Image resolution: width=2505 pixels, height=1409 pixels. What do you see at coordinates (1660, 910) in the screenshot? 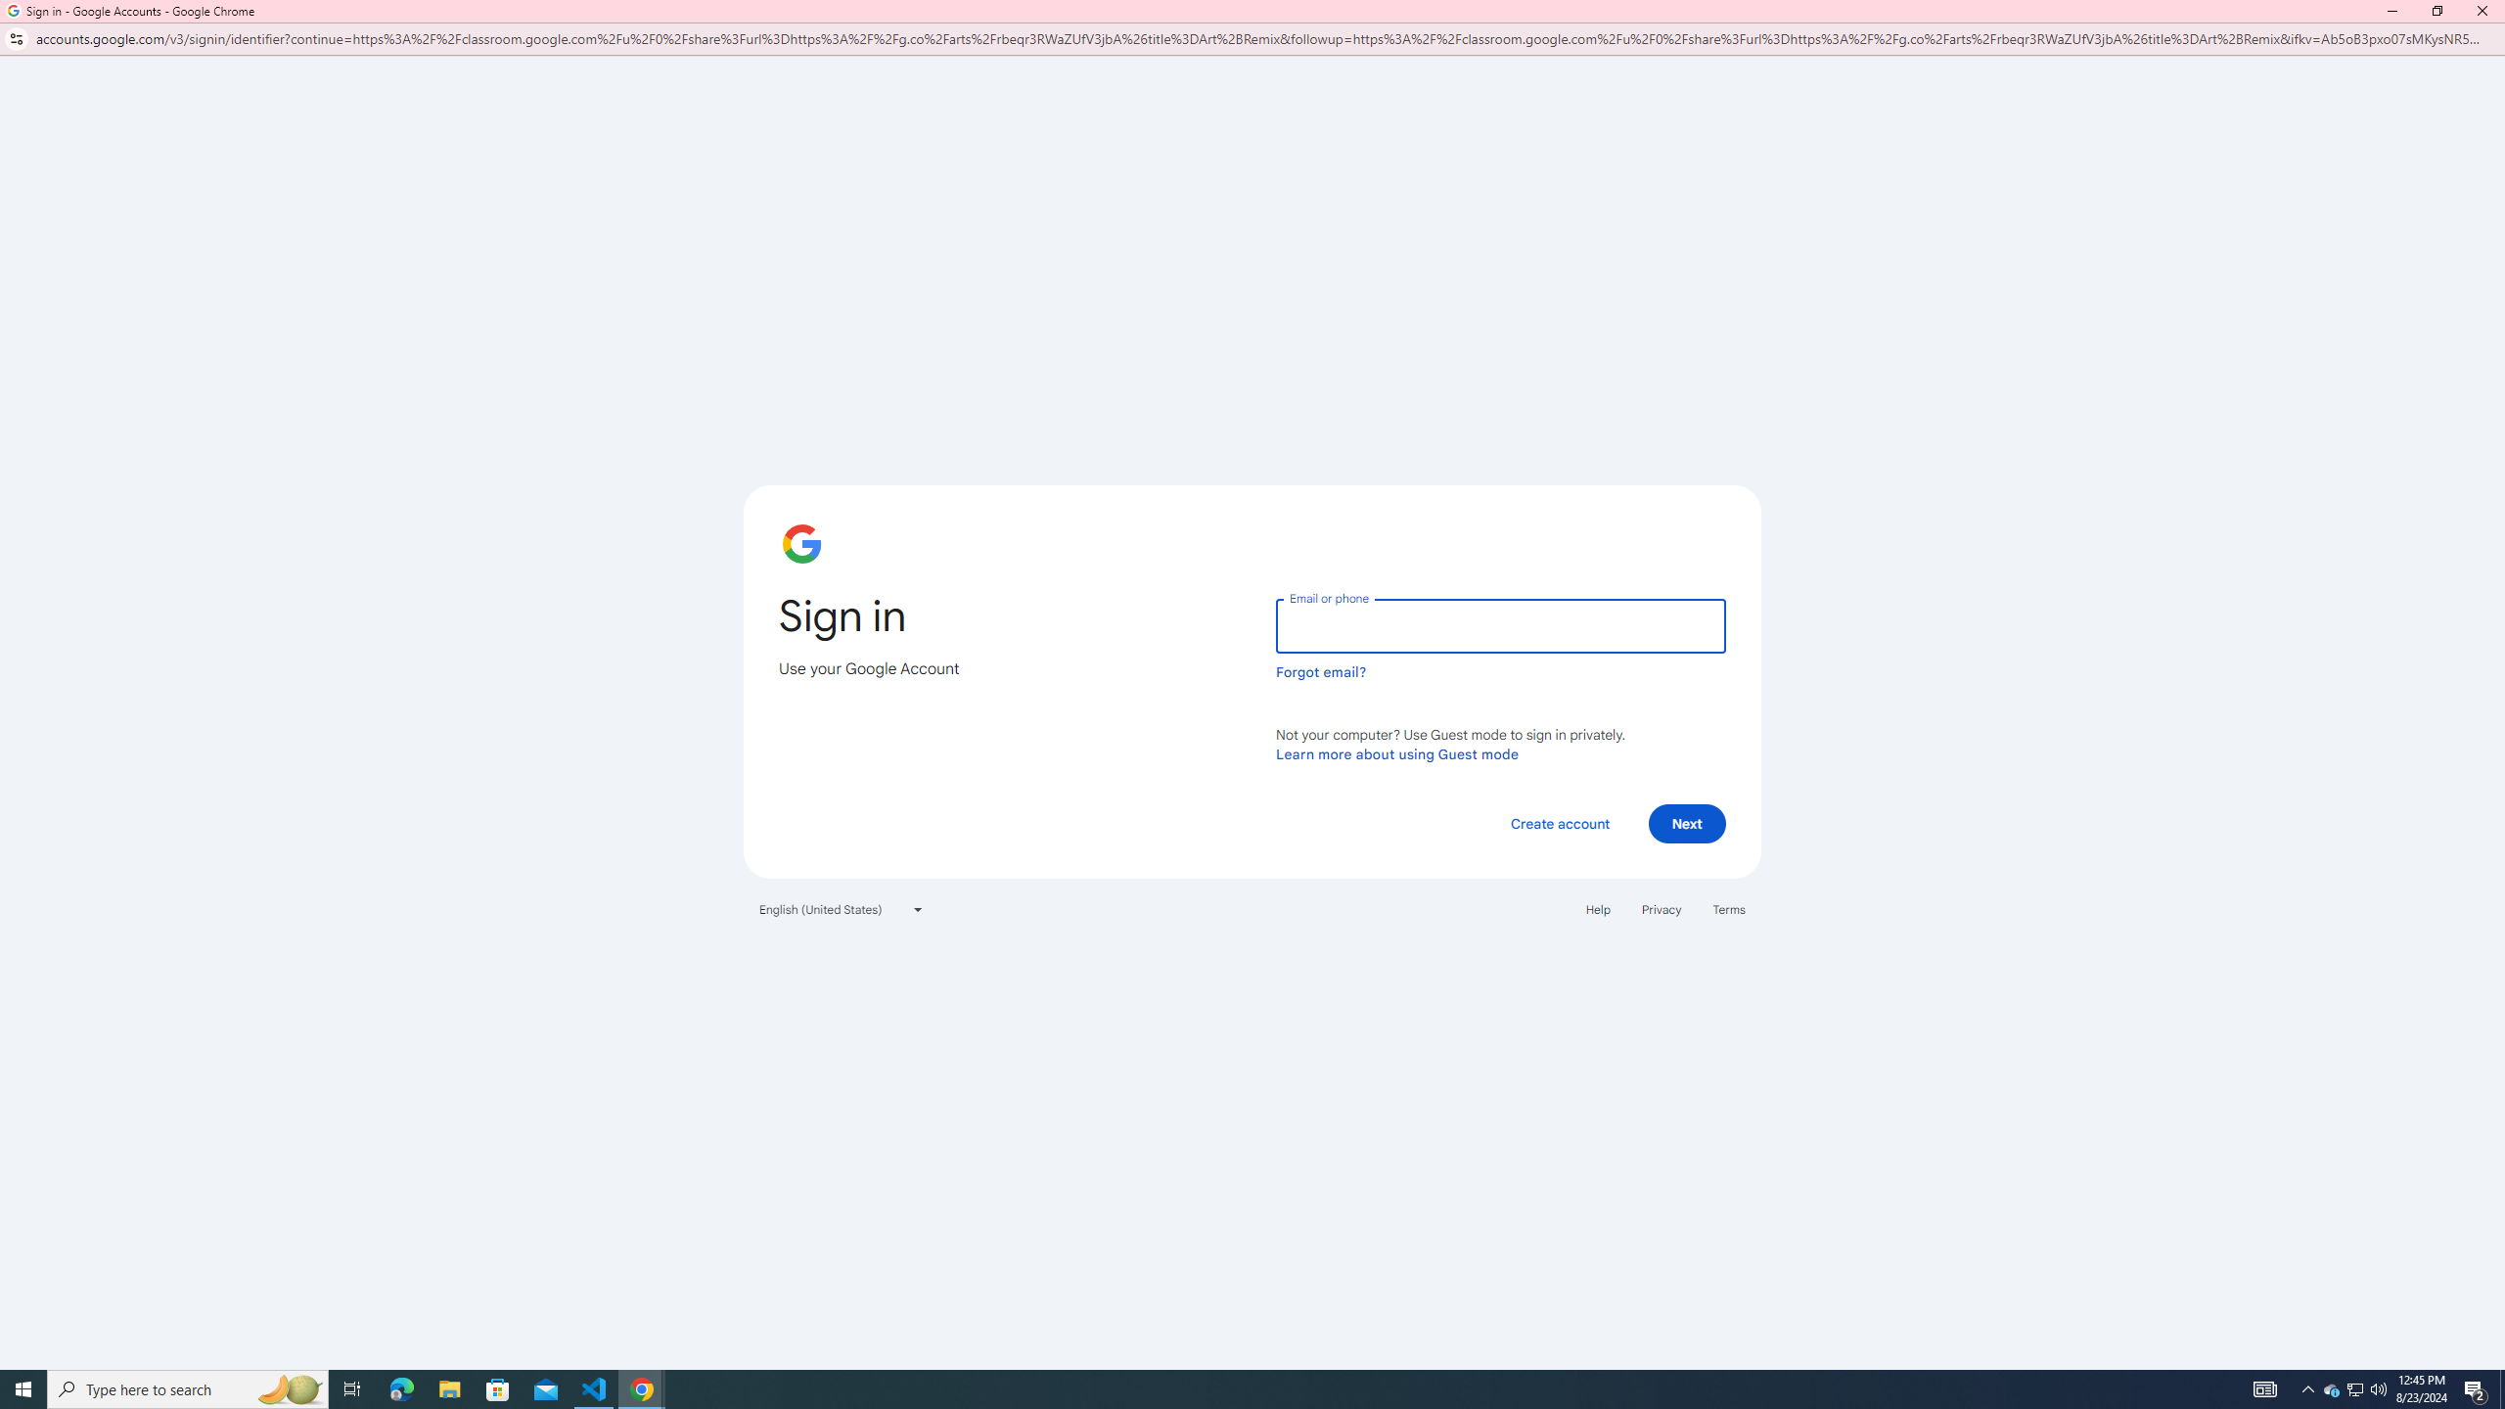
I see `'Privacy'` at bounding box center [1660, 910].